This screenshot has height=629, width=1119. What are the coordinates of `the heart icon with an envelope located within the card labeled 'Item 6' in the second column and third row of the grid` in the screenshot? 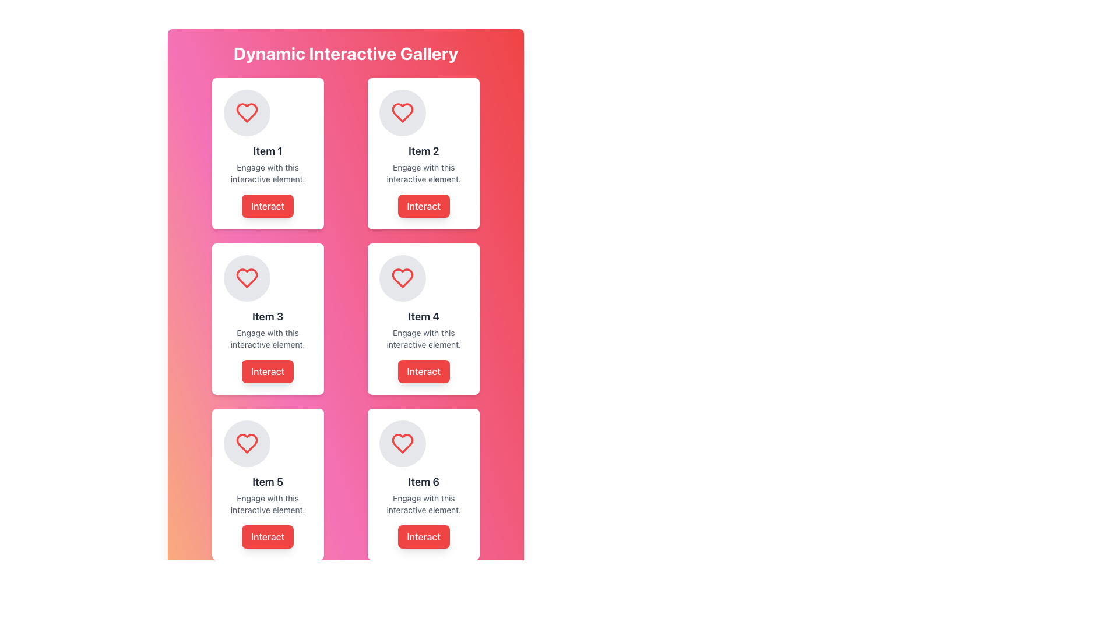 It's located at (403, 444).